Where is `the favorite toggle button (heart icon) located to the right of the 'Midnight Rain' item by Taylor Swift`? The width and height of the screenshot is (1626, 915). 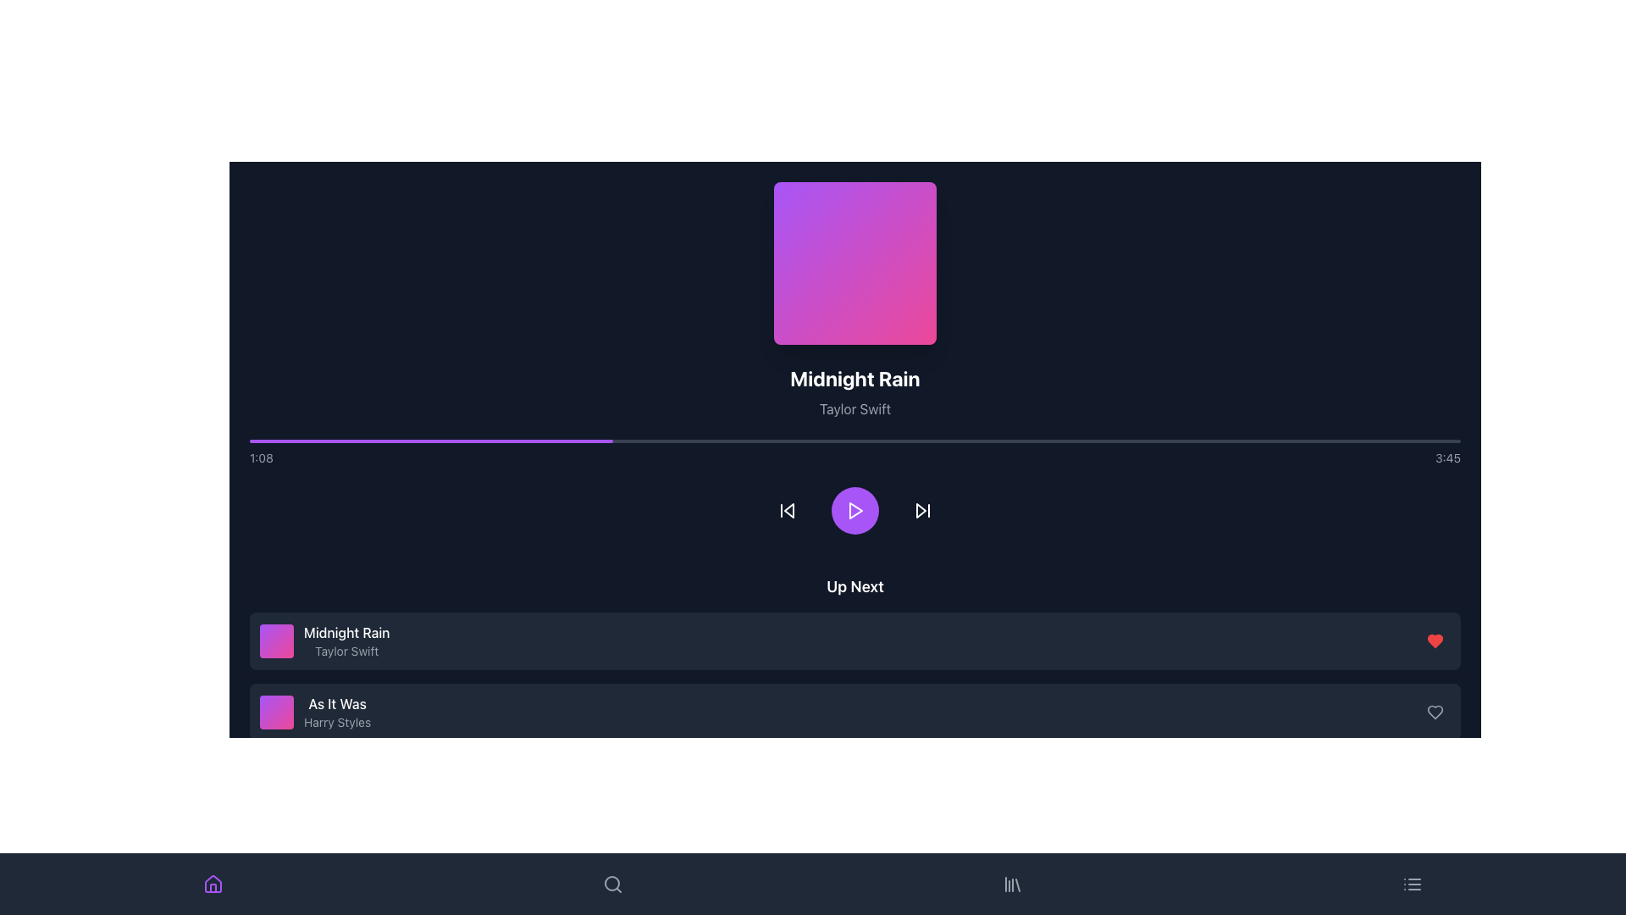
the favorite toggle button (heart icon) located to the right of the 'Midnight Rain' item by Taylor Swift is located at coordinates (1434, 640).